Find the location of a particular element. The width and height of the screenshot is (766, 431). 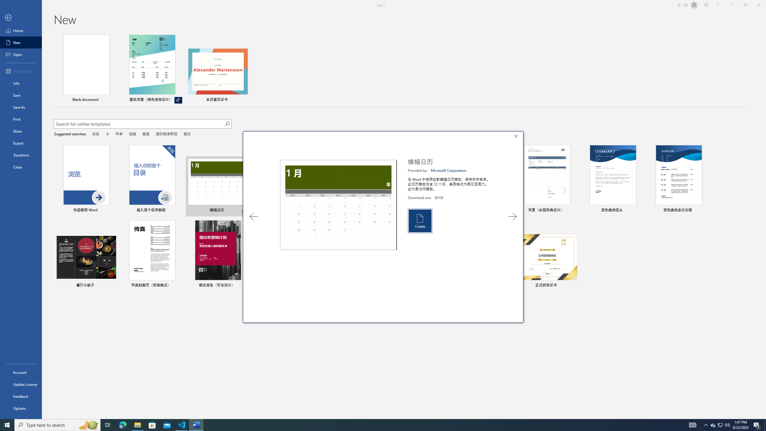

'Q2790: 100%' is located at coordinates (720, 424).